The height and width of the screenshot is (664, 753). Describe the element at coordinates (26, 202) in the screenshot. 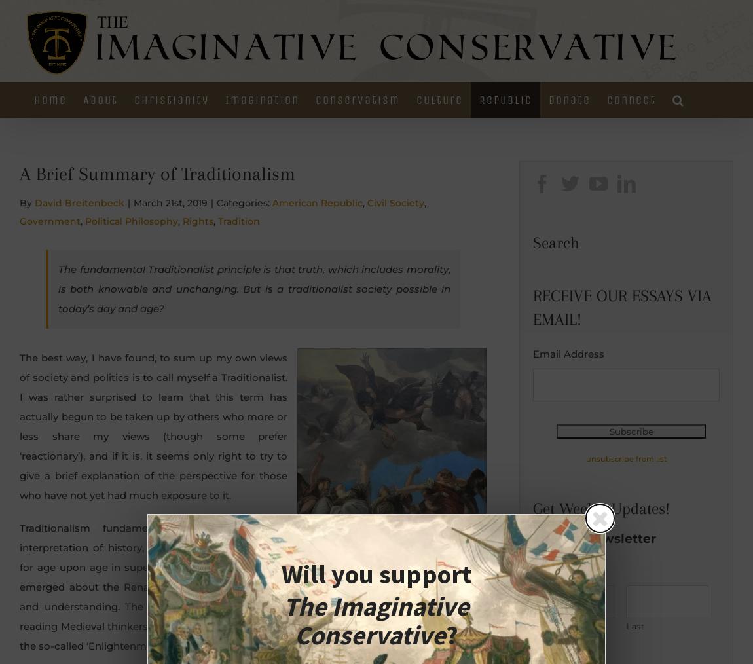

I see `'By'` at that location.